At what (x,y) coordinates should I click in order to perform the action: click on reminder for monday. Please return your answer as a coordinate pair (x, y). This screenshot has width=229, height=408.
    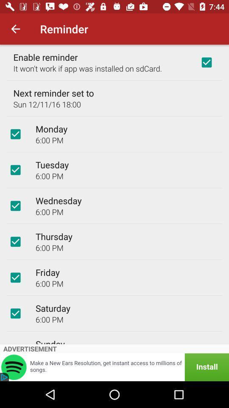
    Looking at the image, I should click on (15, 134).